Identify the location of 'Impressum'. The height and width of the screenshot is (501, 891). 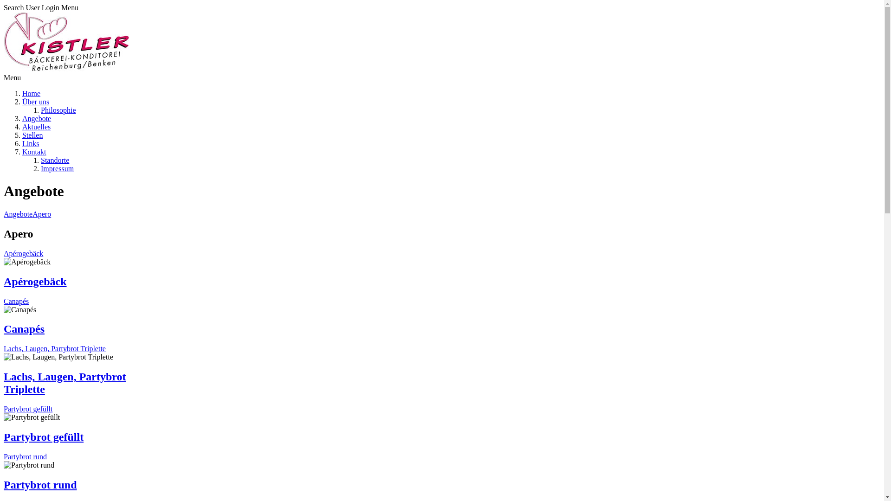
(57, 168).